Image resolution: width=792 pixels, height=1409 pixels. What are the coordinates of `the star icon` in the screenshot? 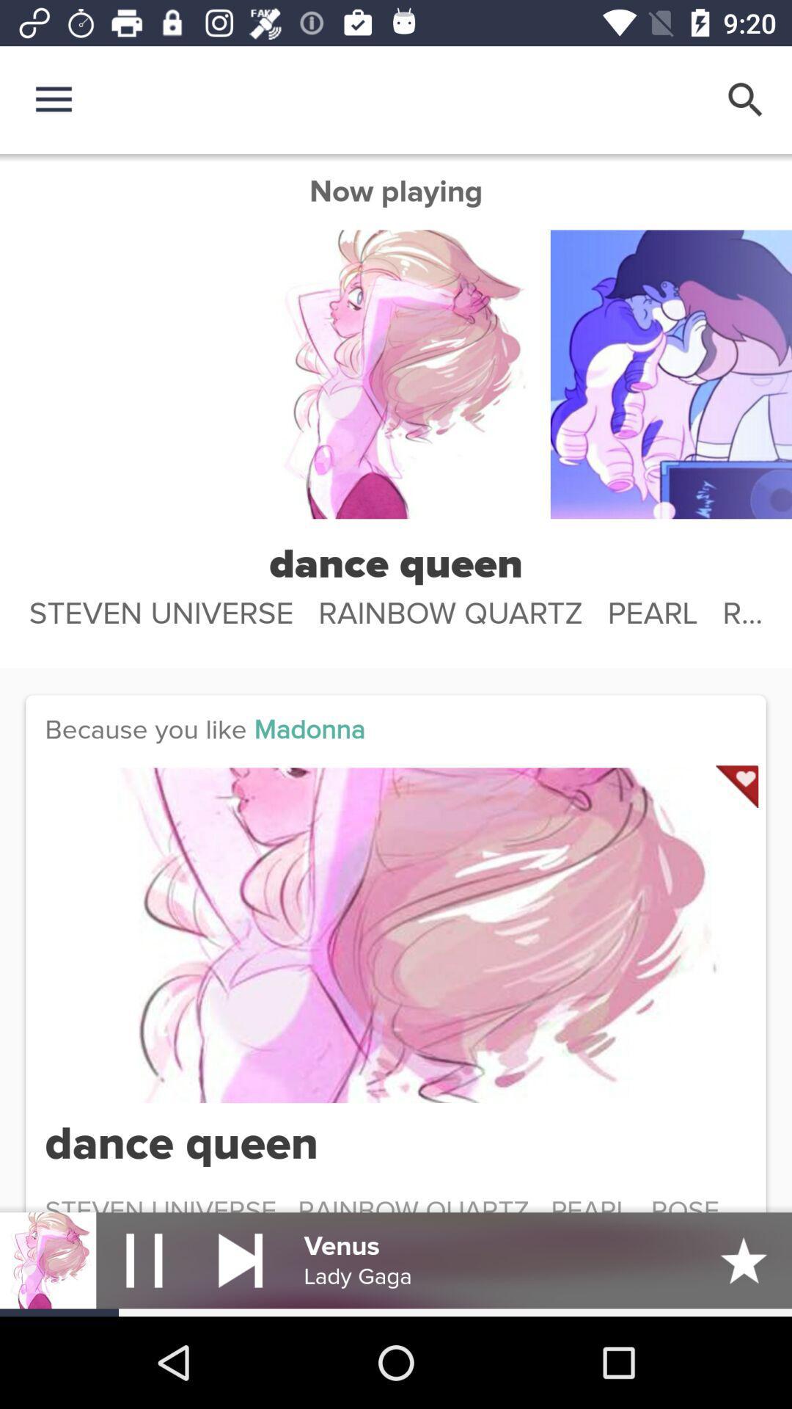 It's located at (744, 1259).